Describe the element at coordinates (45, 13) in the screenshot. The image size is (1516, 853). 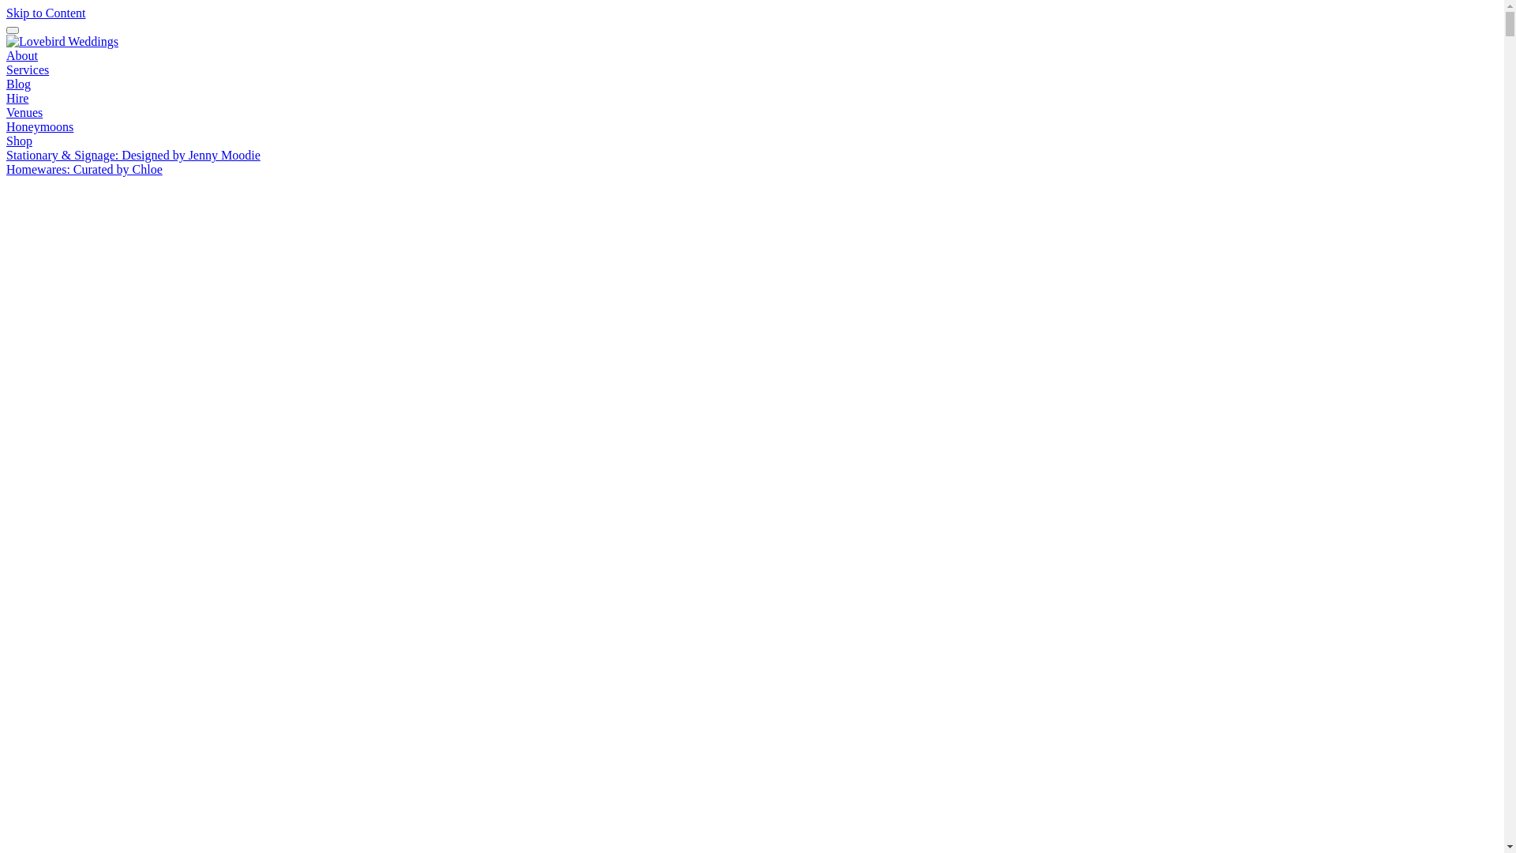
I see `'Skip to Content'` at that location.